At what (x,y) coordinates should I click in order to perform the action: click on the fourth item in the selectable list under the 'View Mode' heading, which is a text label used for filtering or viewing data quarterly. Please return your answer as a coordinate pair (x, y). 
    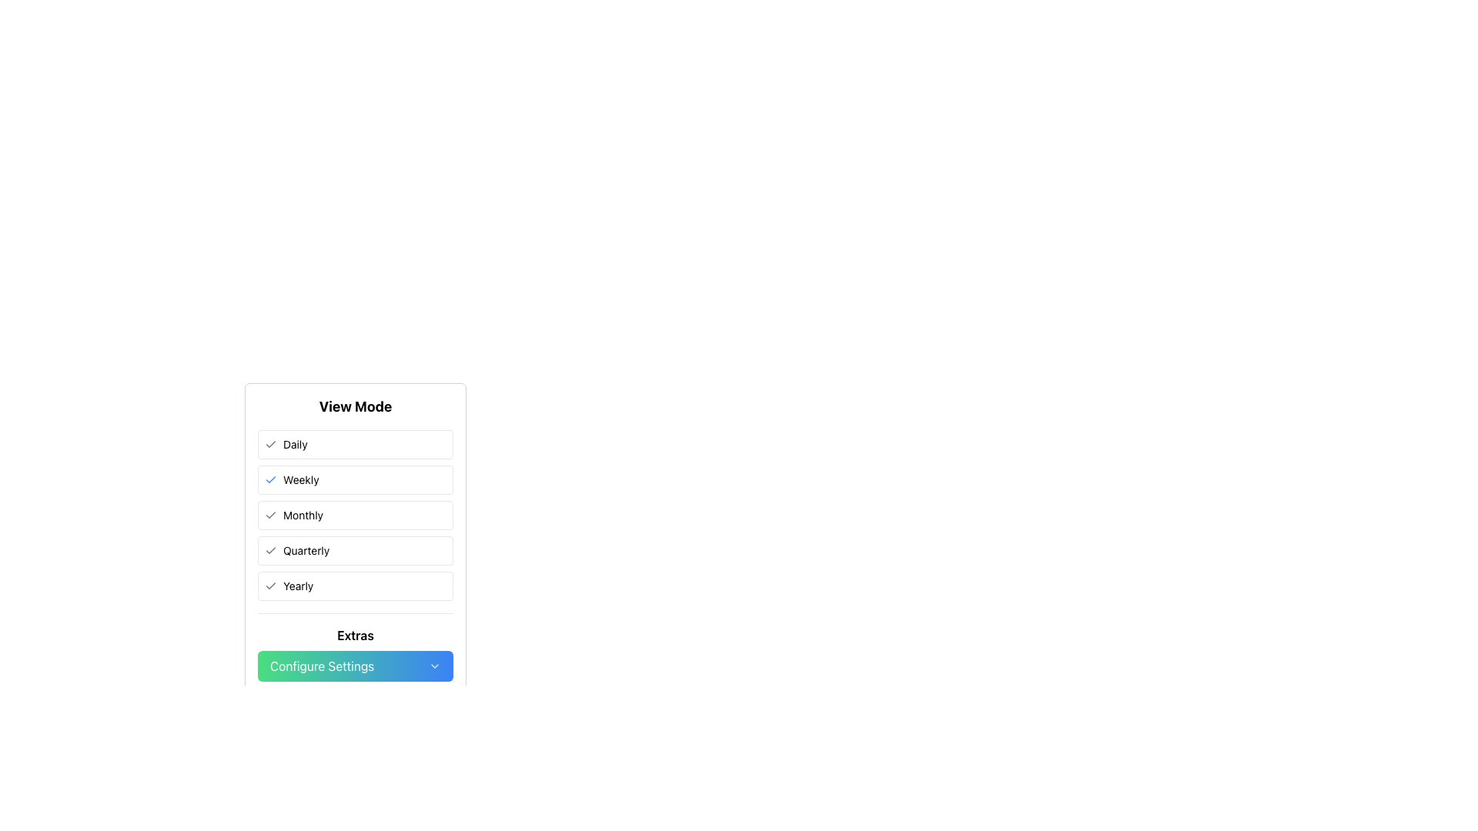
    Looking at the image, I should click on (306, 550).